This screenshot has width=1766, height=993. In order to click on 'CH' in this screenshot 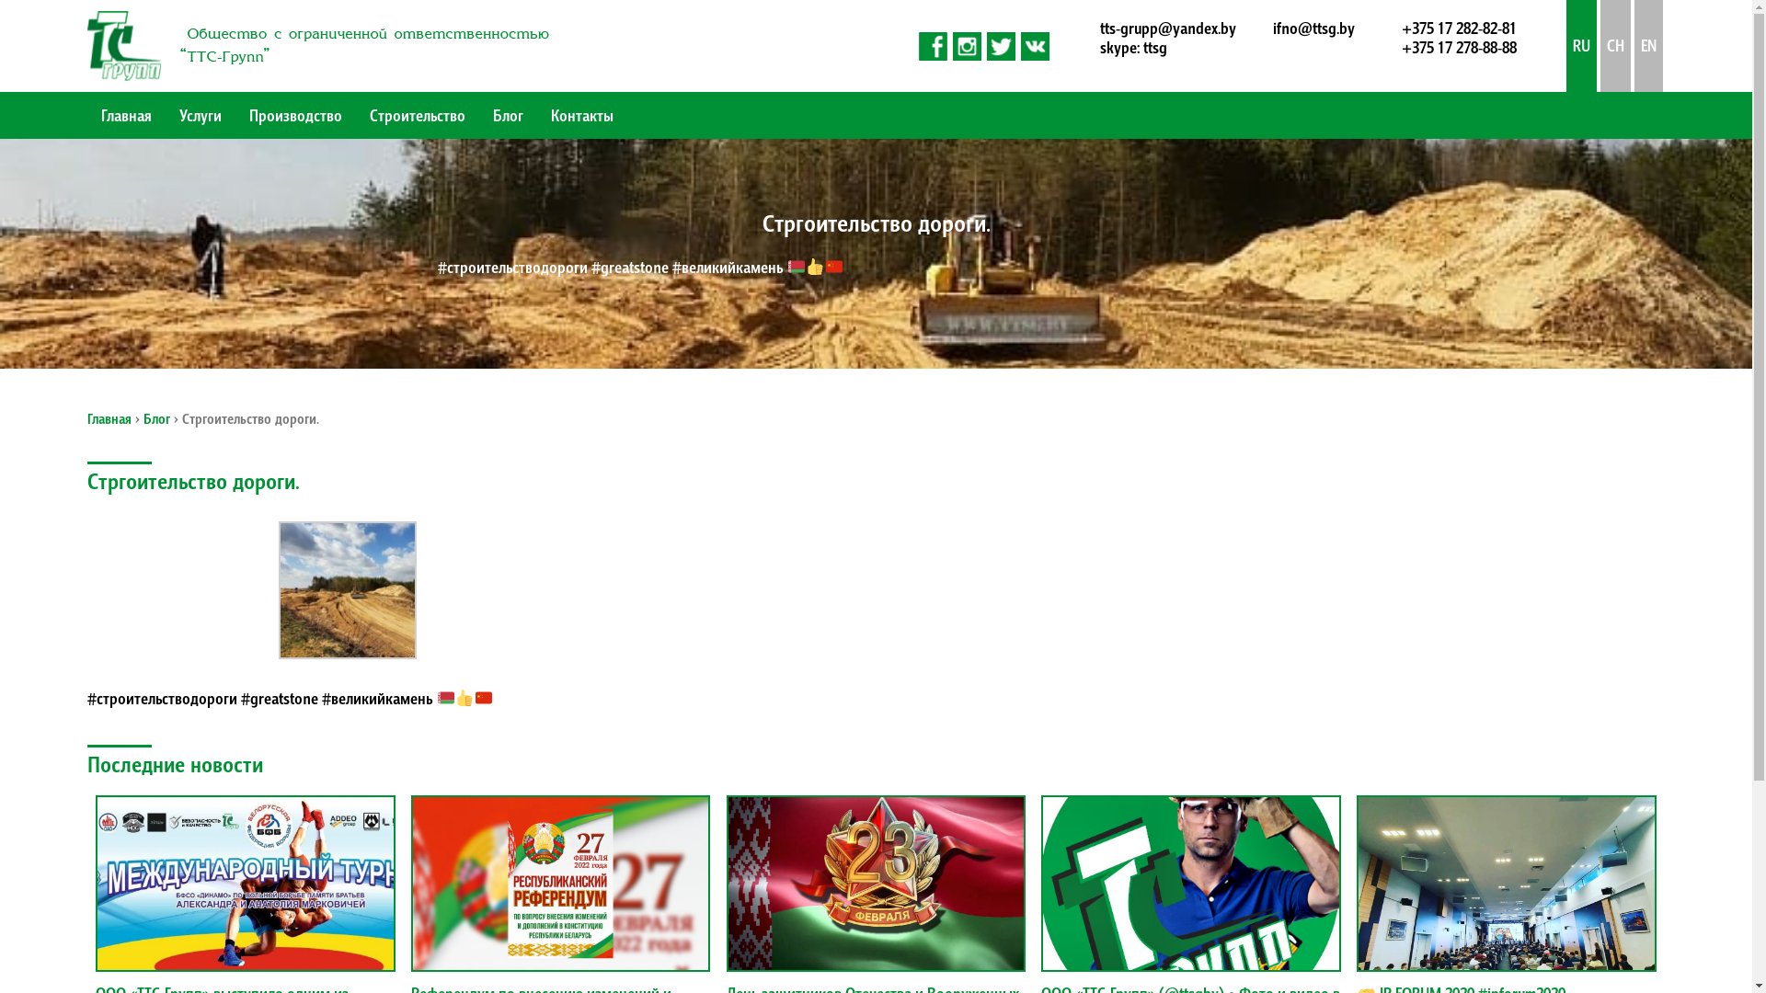, I will do `click(1614, 45)`.